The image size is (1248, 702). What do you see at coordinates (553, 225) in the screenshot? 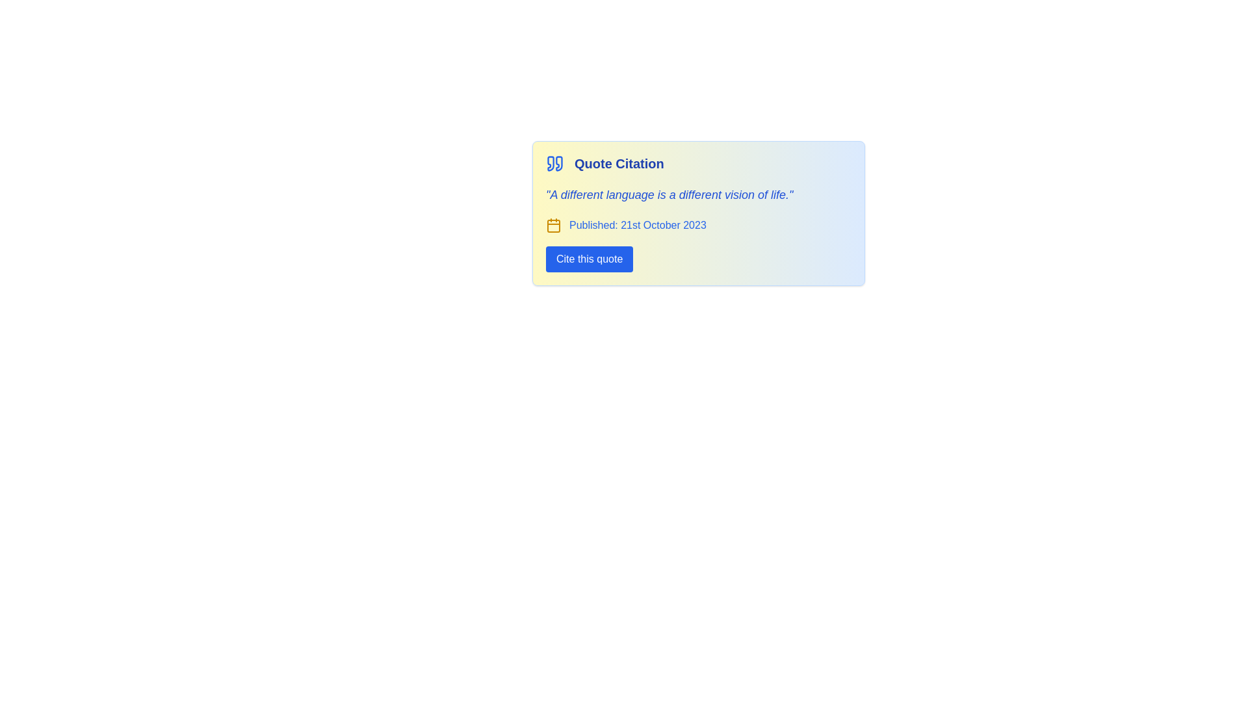
I see `the decorative calendar icon located to the left of the publication date text 'Published: 21st October 2023'` at bounding box center [553, 225].